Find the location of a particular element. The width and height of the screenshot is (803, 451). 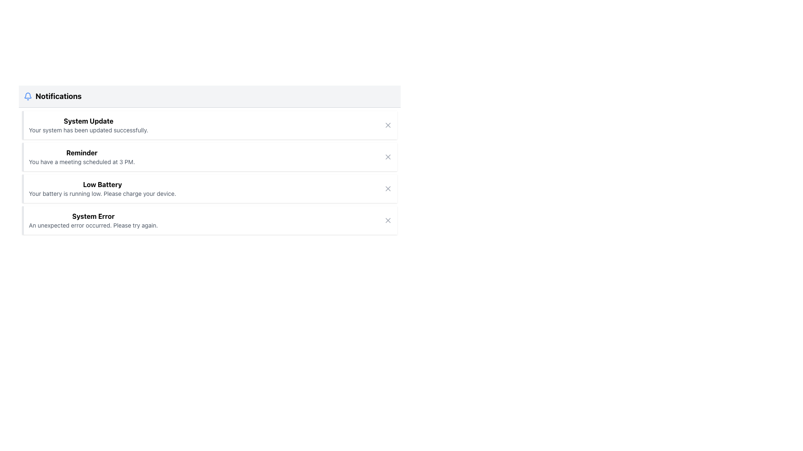

the 'X' icon close button located at the upper-right corner of the notification titled 'Reminder' to potentially reveal a tooltip is located at coordinates (387, 157).